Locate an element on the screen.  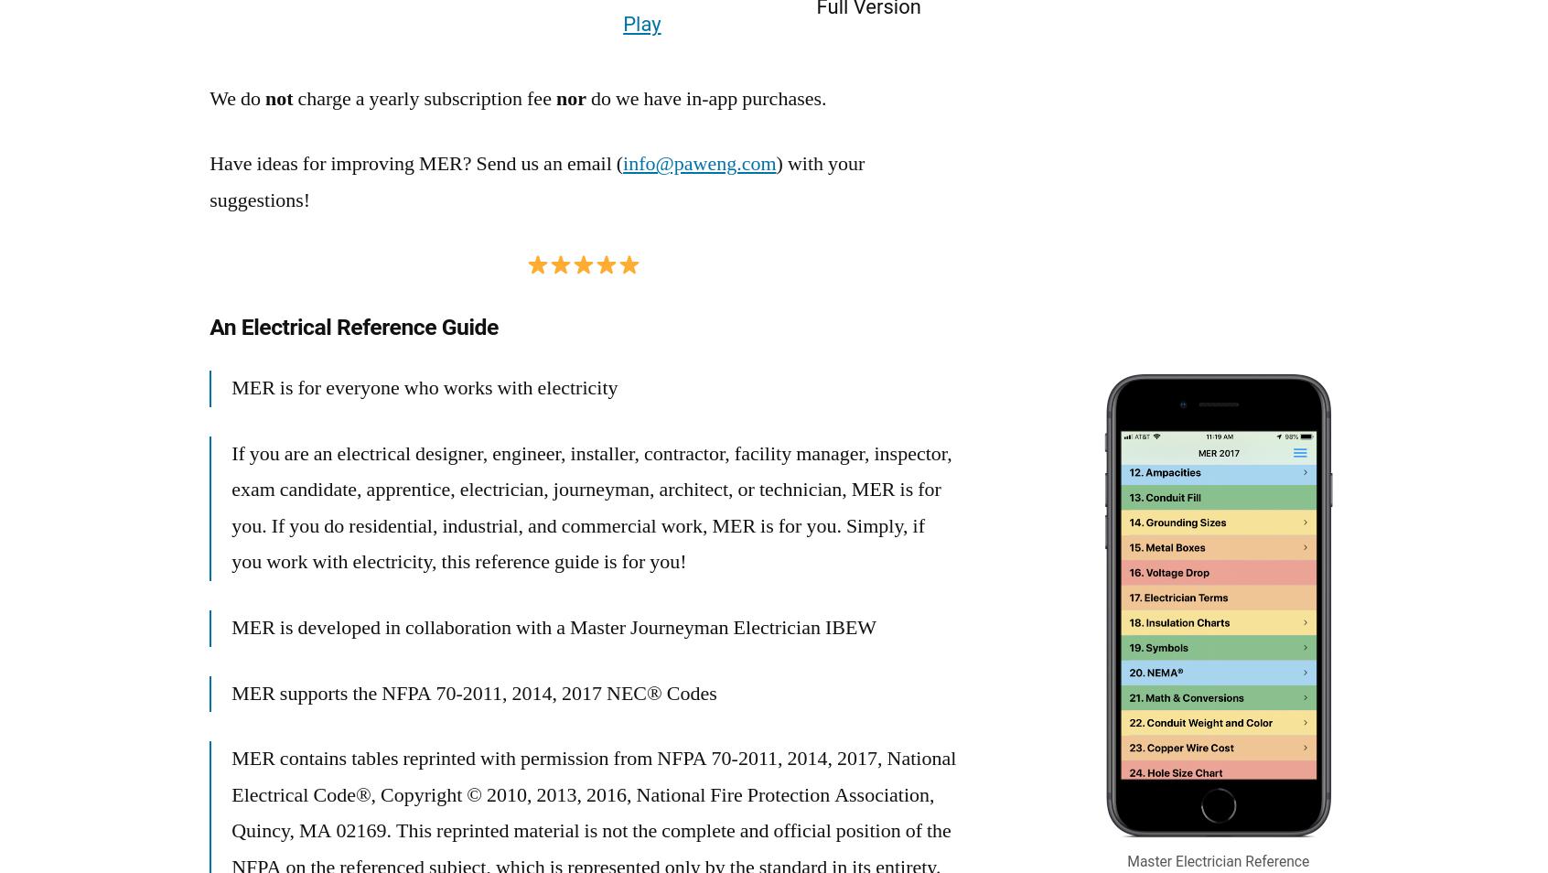
'nor' is located at coordinates (569, 97).